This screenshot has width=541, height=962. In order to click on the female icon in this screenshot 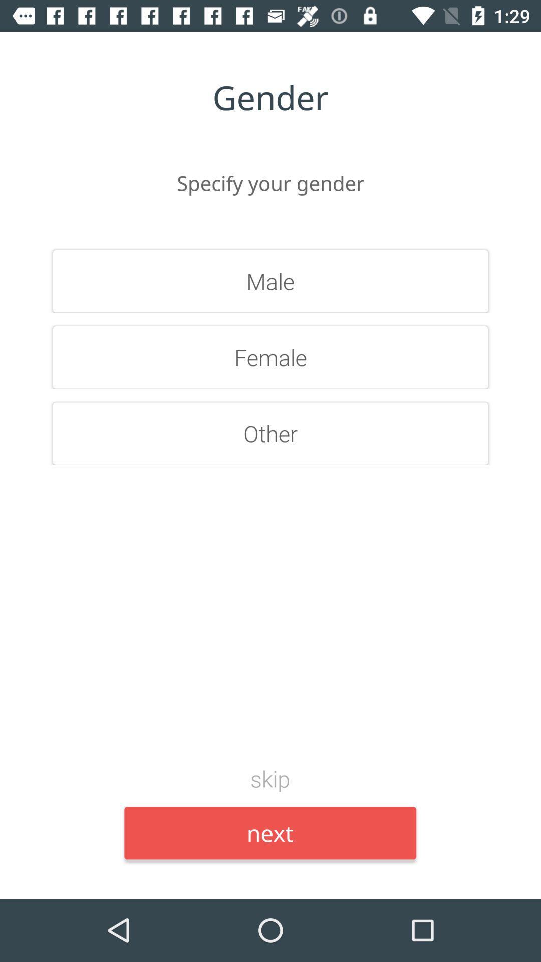, I will do `click(270, 357)`.